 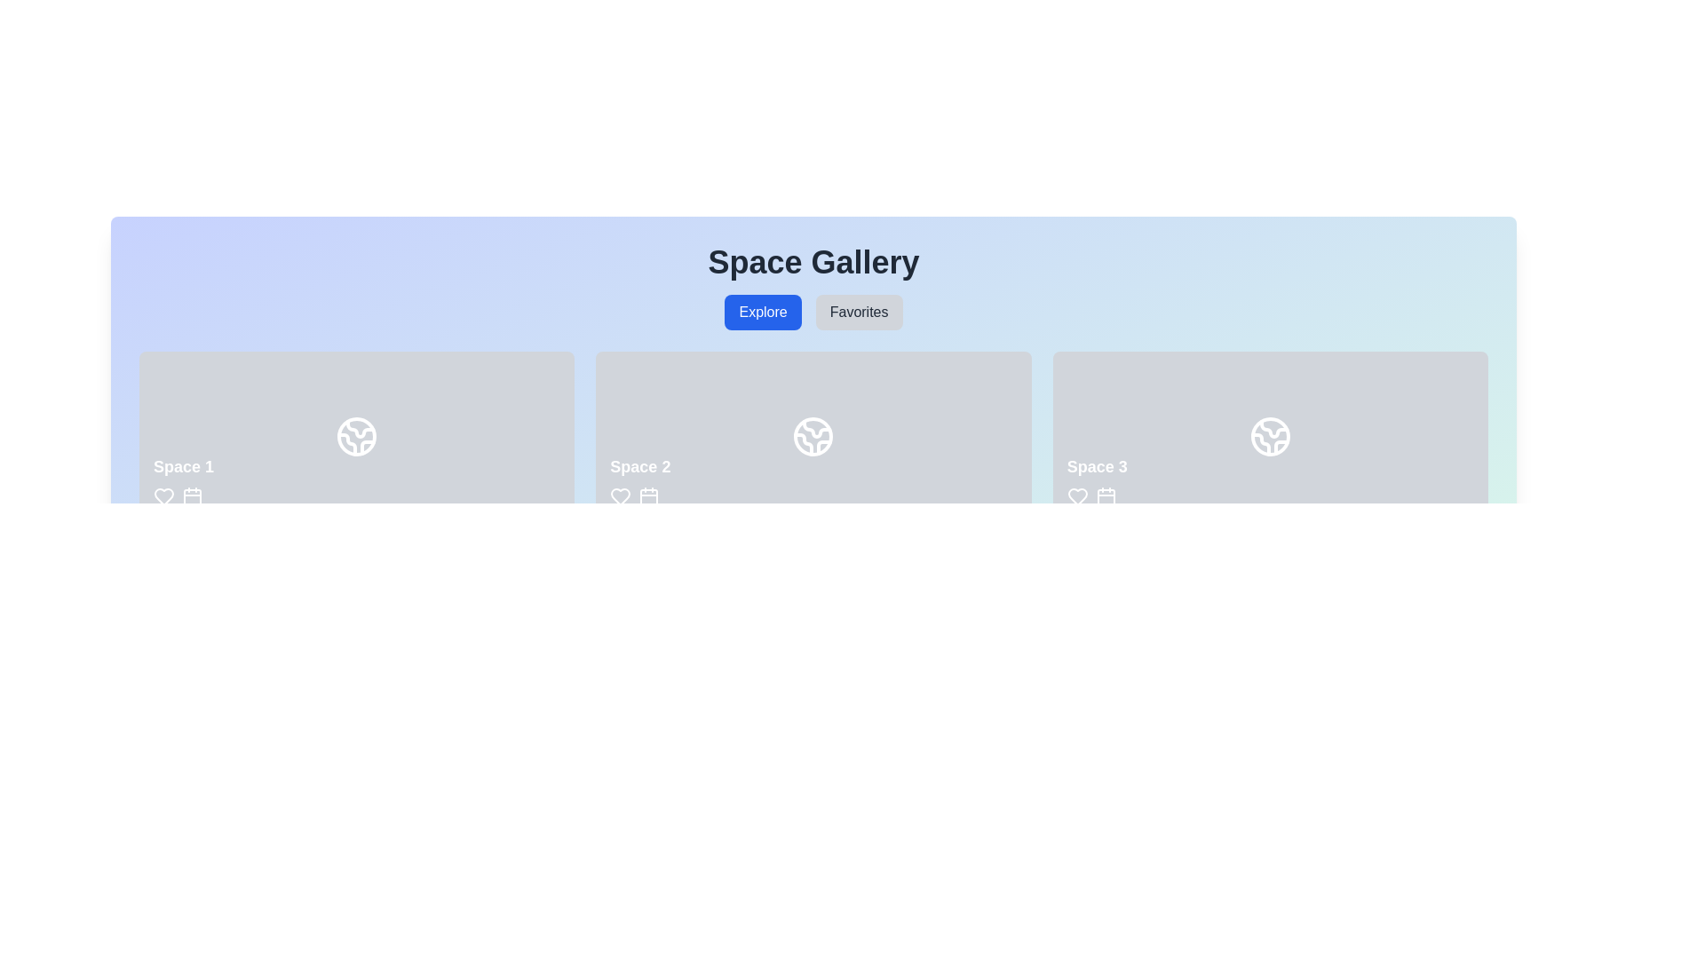 I want to click on the text label displaying 'Space 3' located in the lower-left corner of the third card under the 'Space Gallery' section, so click(x=1096, y=481).